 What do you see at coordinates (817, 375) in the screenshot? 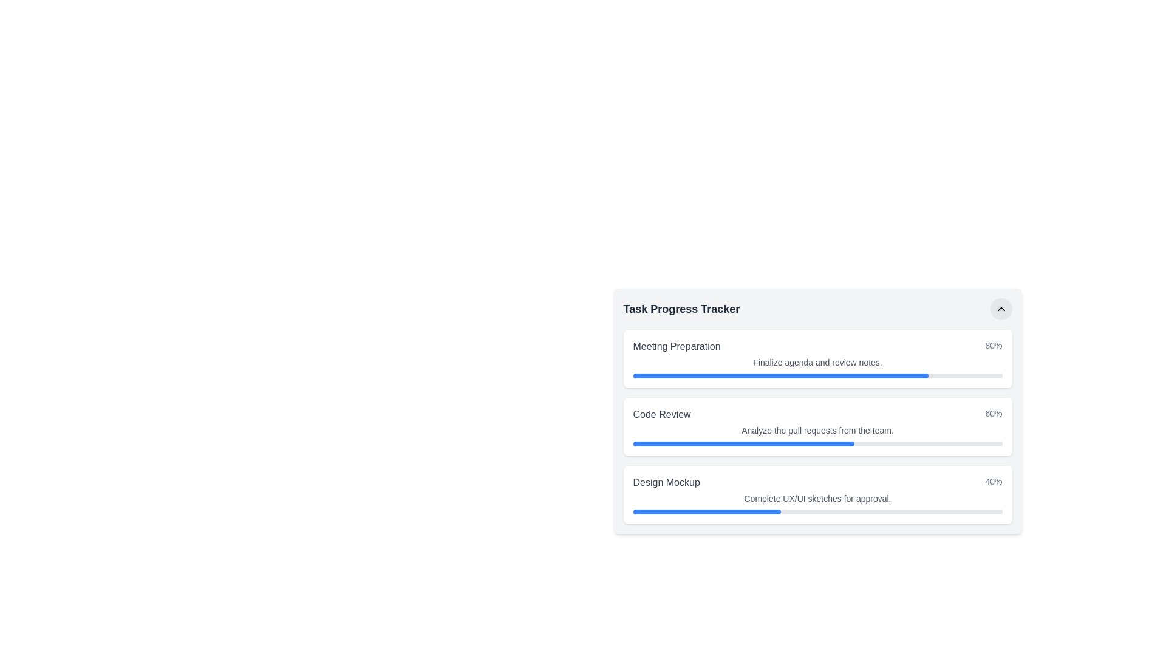
I see `the horizontal progress bar located beneath the text 'Finalize agenda and review notes.' which has a light gray background and a blue filled portion indicating progress` at bounding box center [817, 375].